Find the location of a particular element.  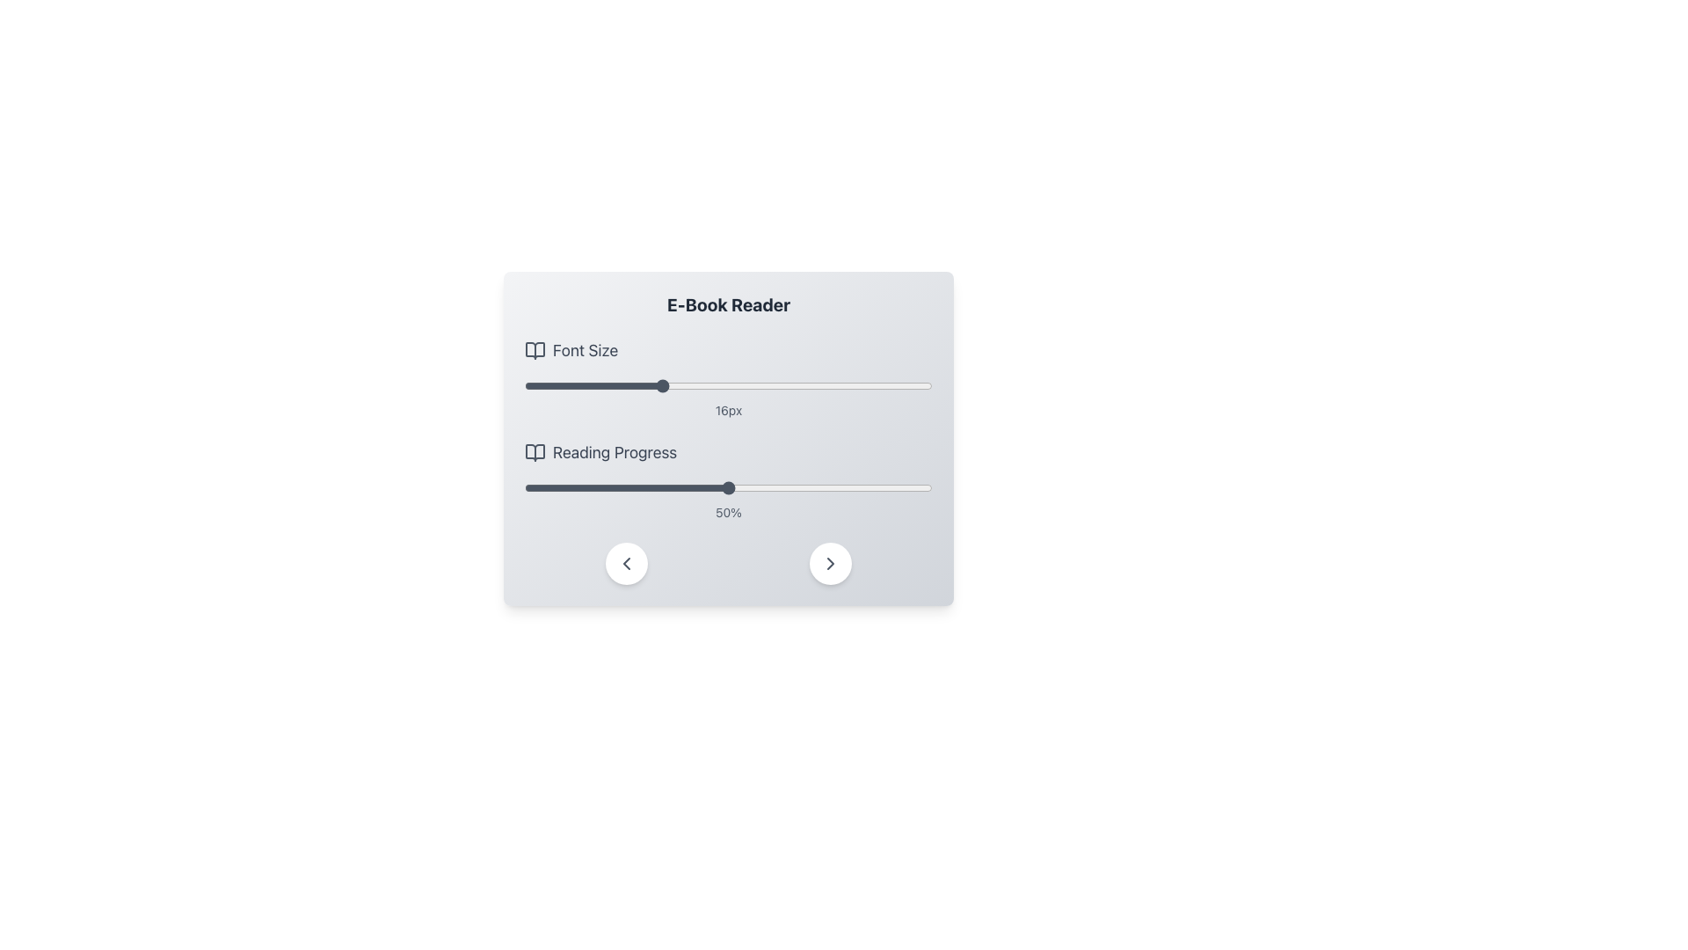

'Font Size' text label located to the right of the open book icon in the upper-left section of the interface is located at coordinates (586, 350).